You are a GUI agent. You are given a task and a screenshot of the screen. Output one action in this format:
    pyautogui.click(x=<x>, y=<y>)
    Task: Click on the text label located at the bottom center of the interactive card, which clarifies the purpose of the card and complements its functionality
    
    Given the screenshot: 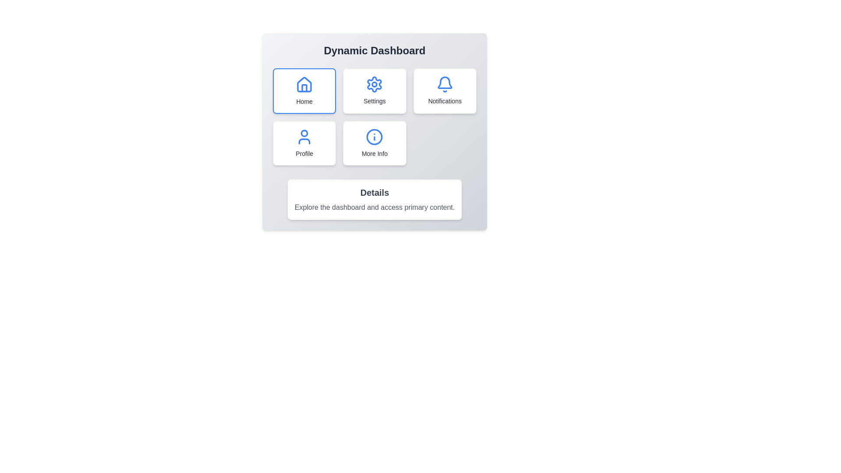 What is the action you would take?
    pyautogui.click(x=375, y=153)
    